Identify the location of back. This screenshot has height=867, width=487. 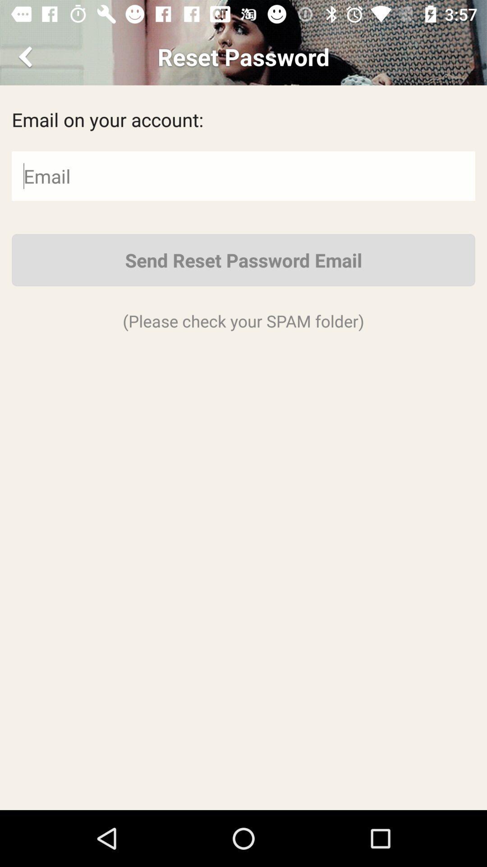
(27, 56).